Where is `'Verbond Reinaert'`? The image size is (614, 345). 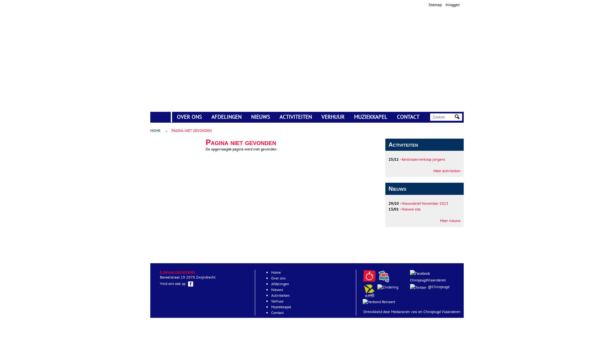 'Verbond Reinaert' is located at coordinates (379, 302).